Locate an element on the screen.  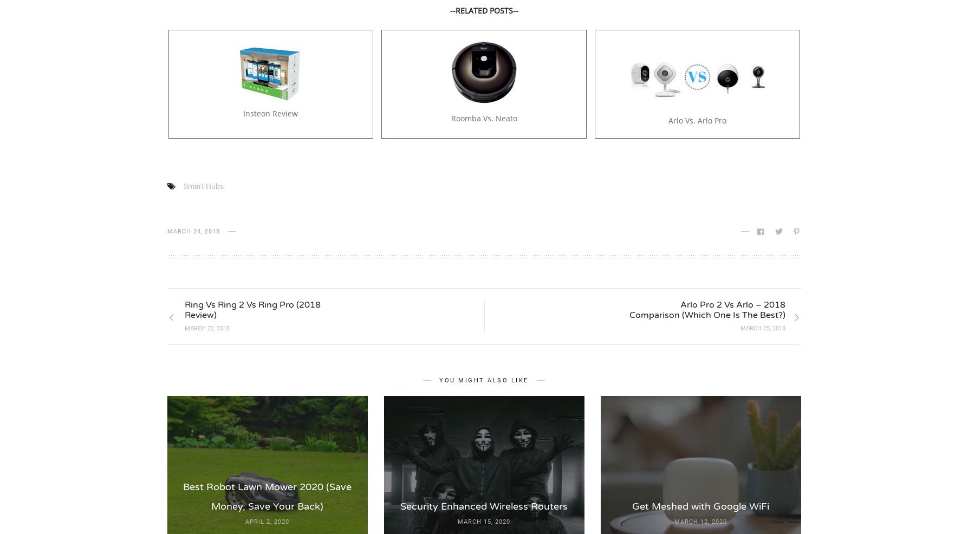
'Arlo Vs. Arlo Pro' is located at coordinates (696, 120).